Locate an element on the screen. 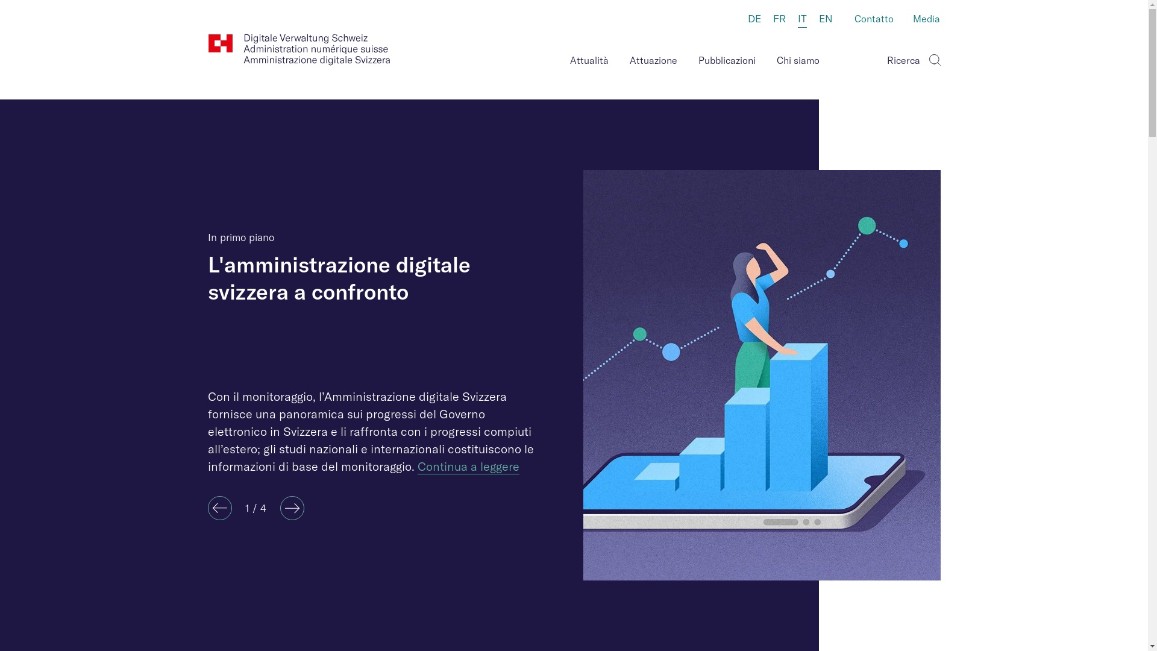  'Contatto' is located at coordinates (873, 20).